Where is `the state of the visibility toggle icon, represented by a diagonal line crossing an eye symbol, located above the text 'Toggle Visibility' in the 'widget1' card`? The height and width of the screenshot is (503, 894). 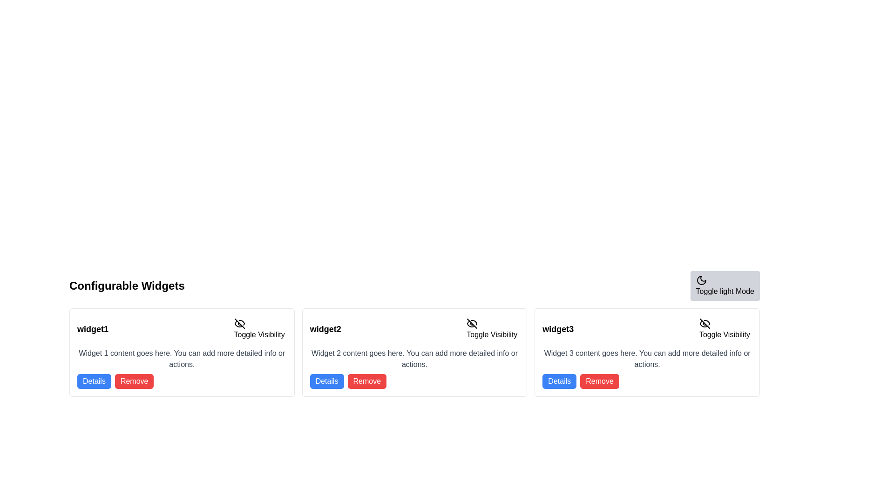 the state of the visibility toggle icon, represented by a diagonal line crossing an eye symbol, located above the text 'Toggle Visibility' in the 'widget1' card is located at coordinates (239, 323).